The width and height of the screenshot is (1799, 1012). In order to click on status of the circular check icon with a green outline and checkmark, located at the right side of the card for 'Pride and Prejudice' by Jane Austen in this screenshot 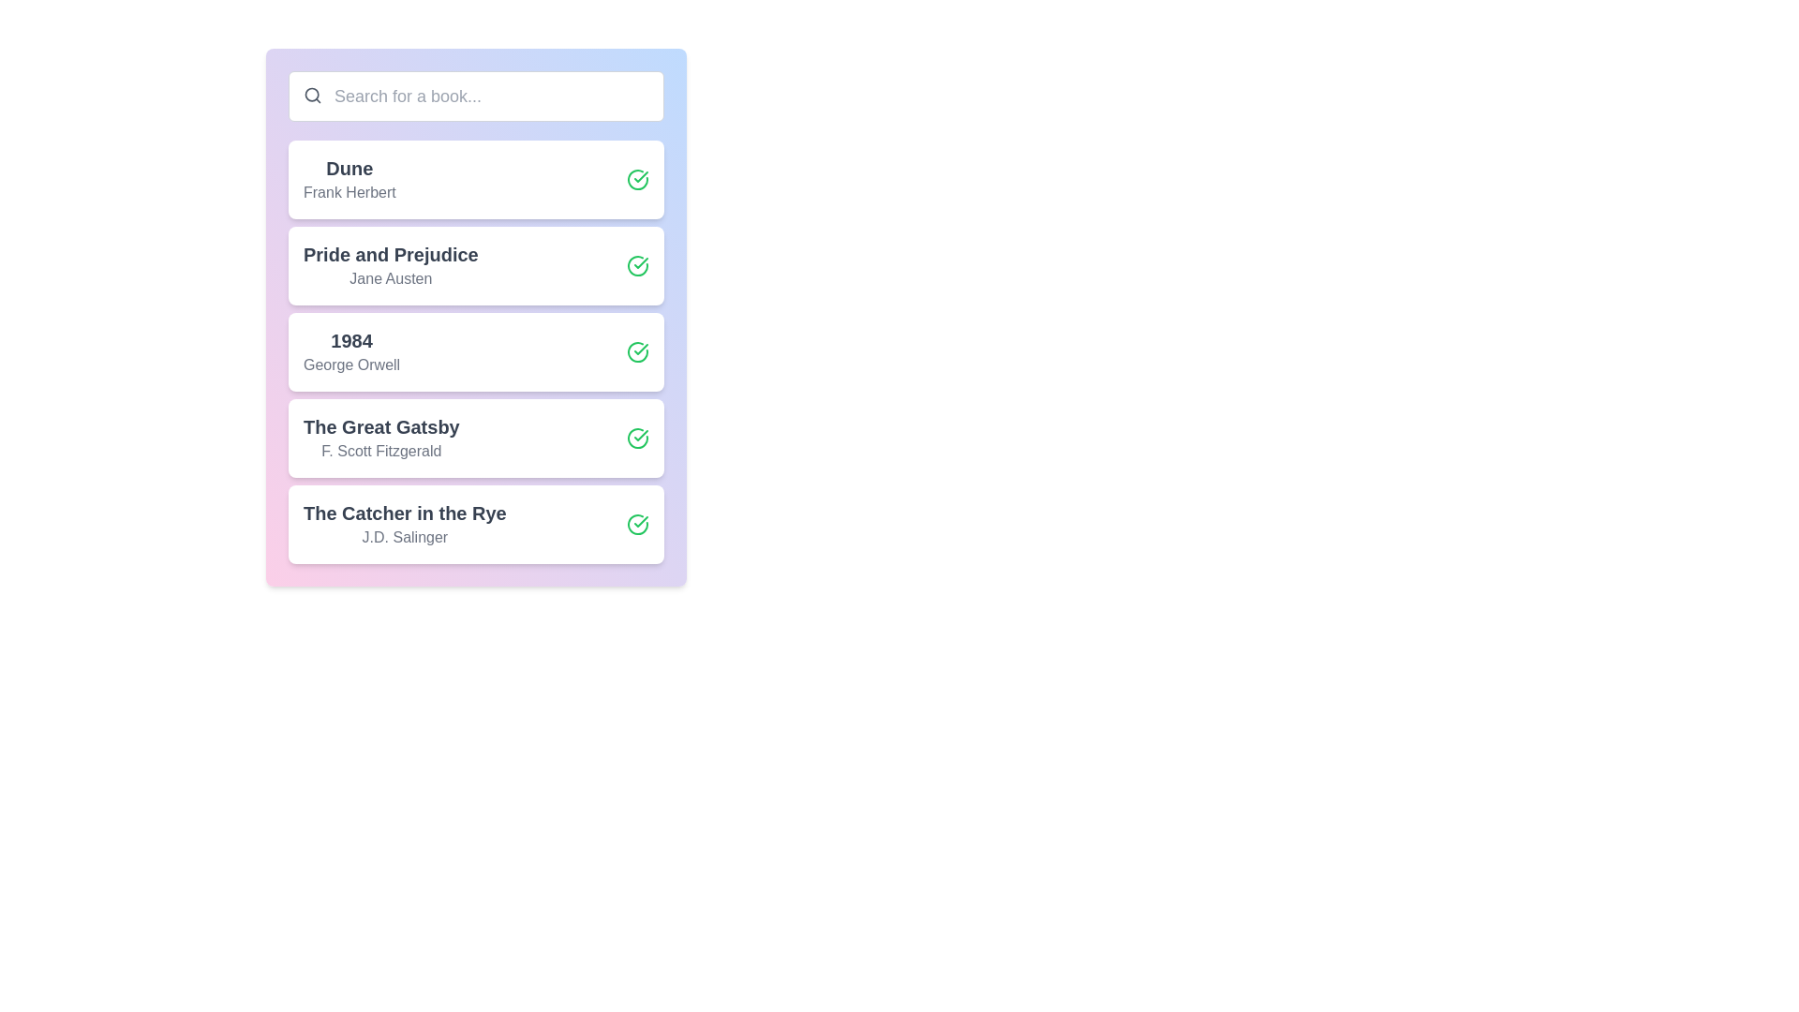, I will do `click(638, 266)`.